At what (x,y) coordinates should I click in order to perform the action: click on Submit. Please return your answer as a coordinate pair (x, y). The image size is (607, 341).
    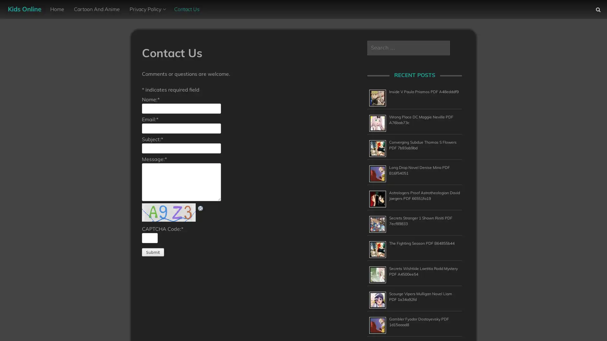
    Looking at the image, I should click on (153, 252).